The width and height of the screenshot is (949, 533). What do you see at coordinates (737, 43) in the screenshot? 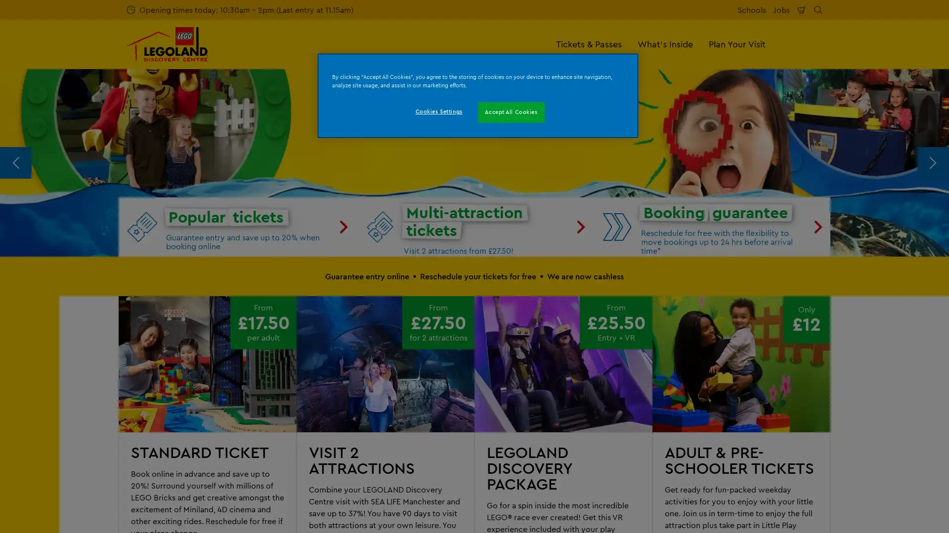
I see `Plan Your Visit` at bounding box center [737, 43].